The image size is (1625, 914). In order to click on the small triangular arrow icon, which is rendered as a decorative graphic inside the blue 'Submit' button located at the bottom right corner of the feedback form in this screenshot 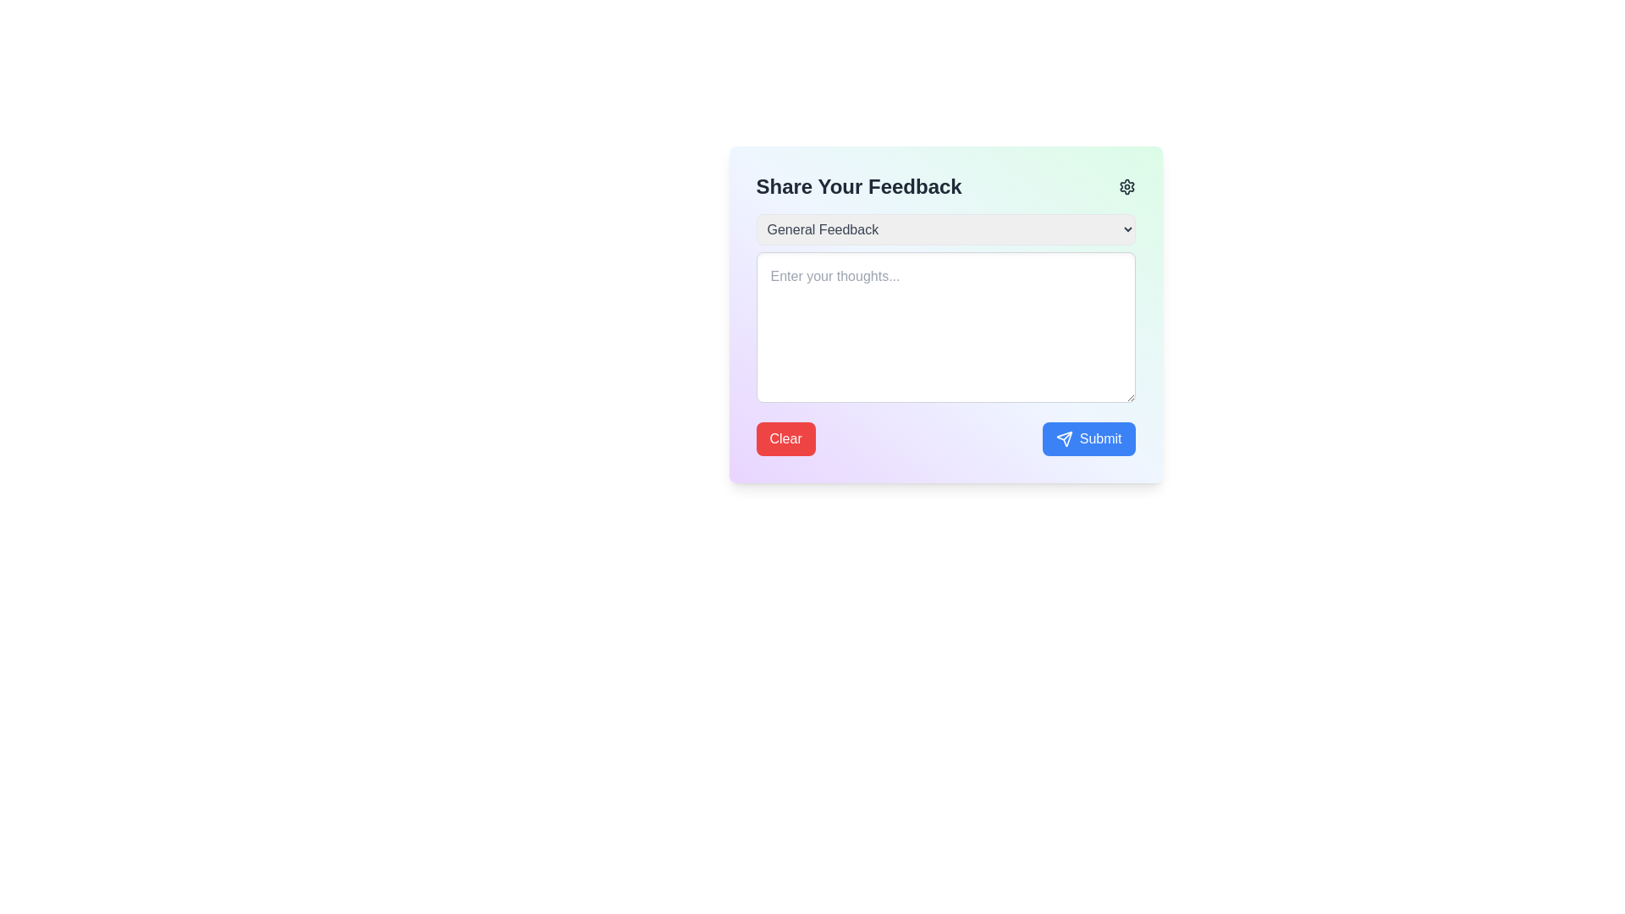, I will do `click(1063, 438)`.